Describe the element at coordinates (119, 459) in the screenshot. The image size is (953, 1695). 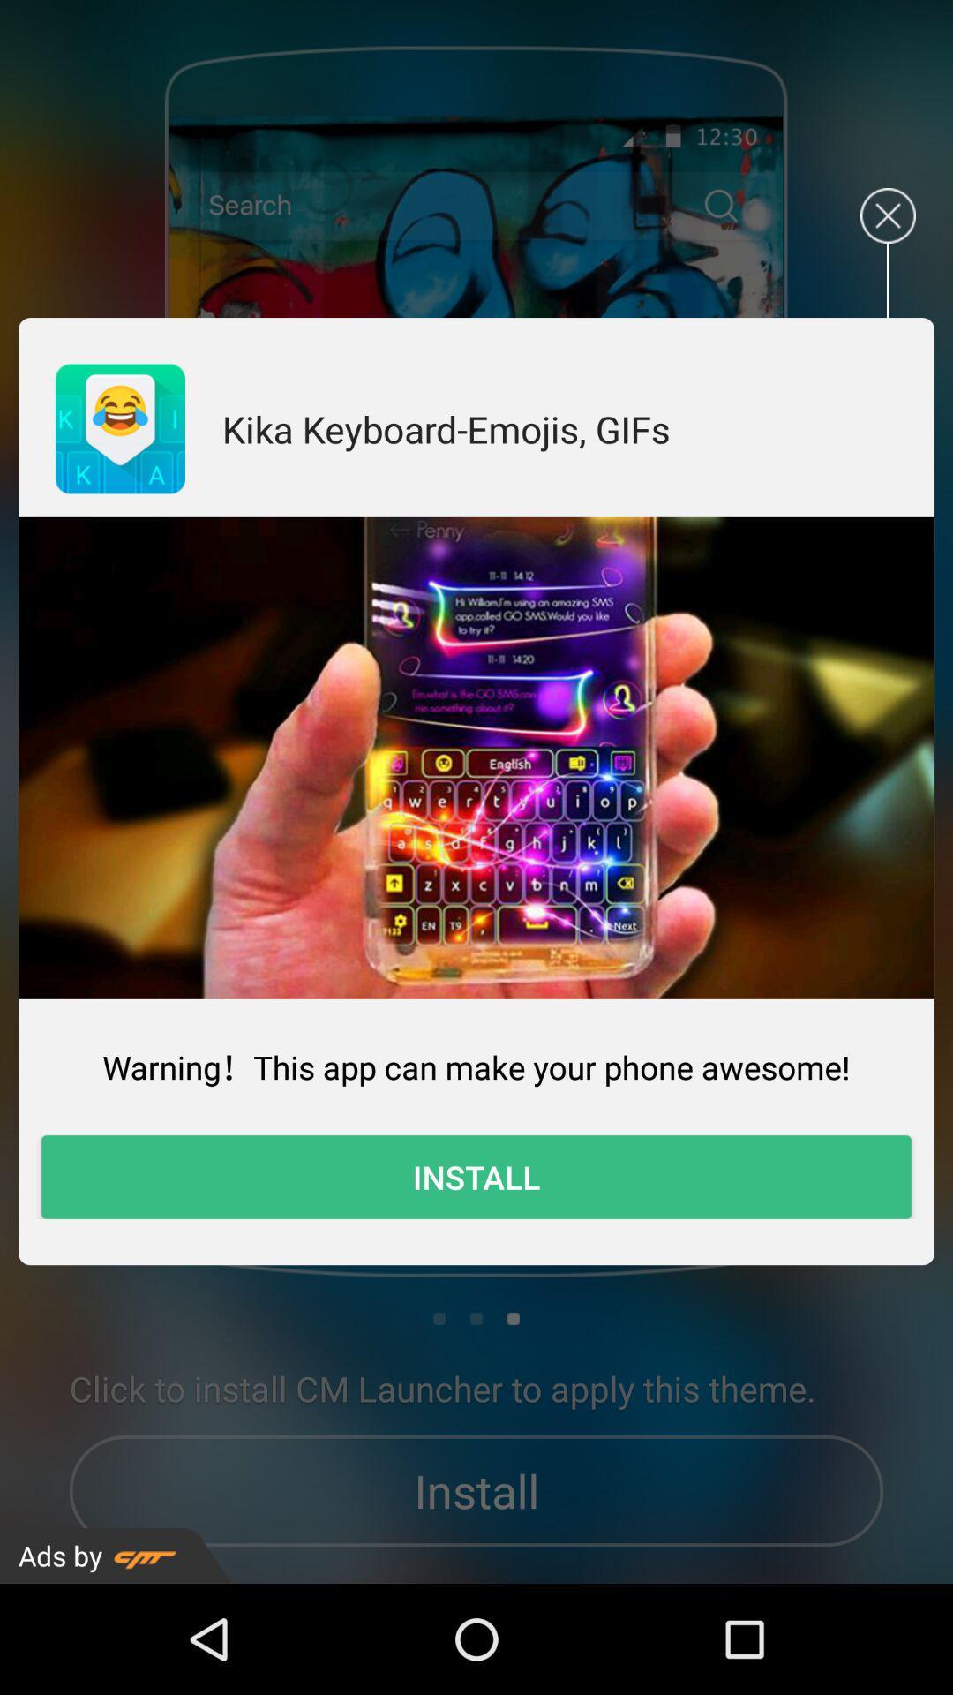
I see `the emoji icon` at that location.